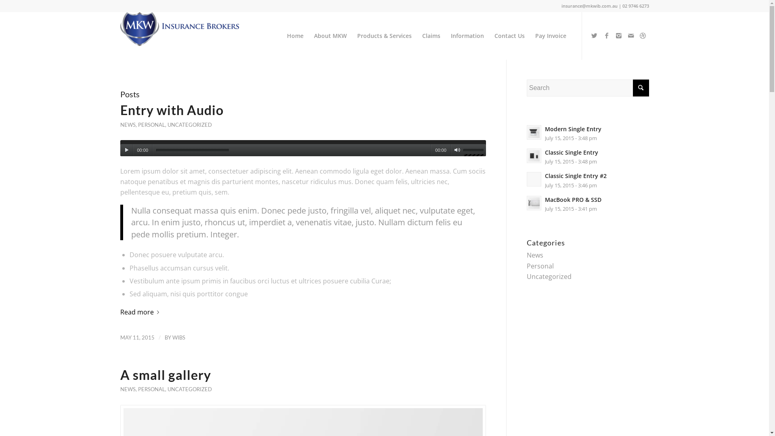  I want to click on 'Twitter', so click(595, 35).